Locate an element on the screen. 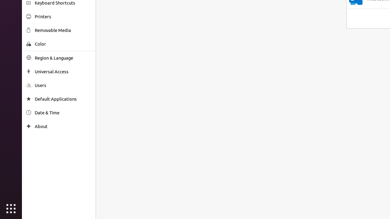 The width and height of the screenshot is (390, 219). 'Printers' is located at coordinates (63, 16).